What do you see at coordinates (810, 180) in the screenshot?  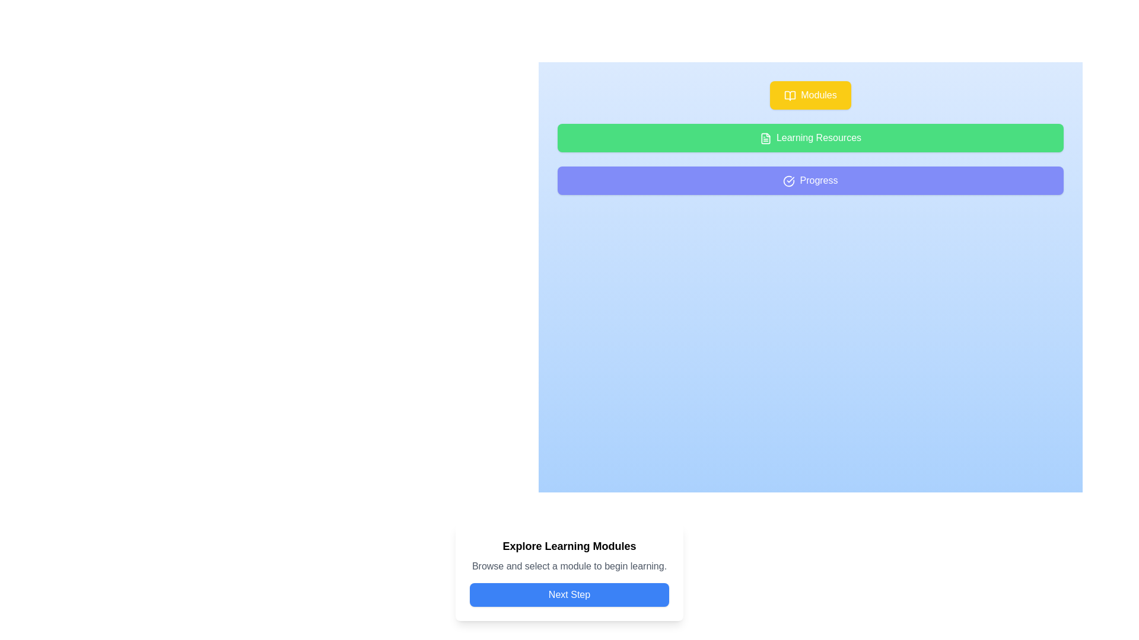 I see `the 'Progress' button, which is the third button in the group, featuring a purple background and white text with a check mark icon` at bounding box center [810, 180].